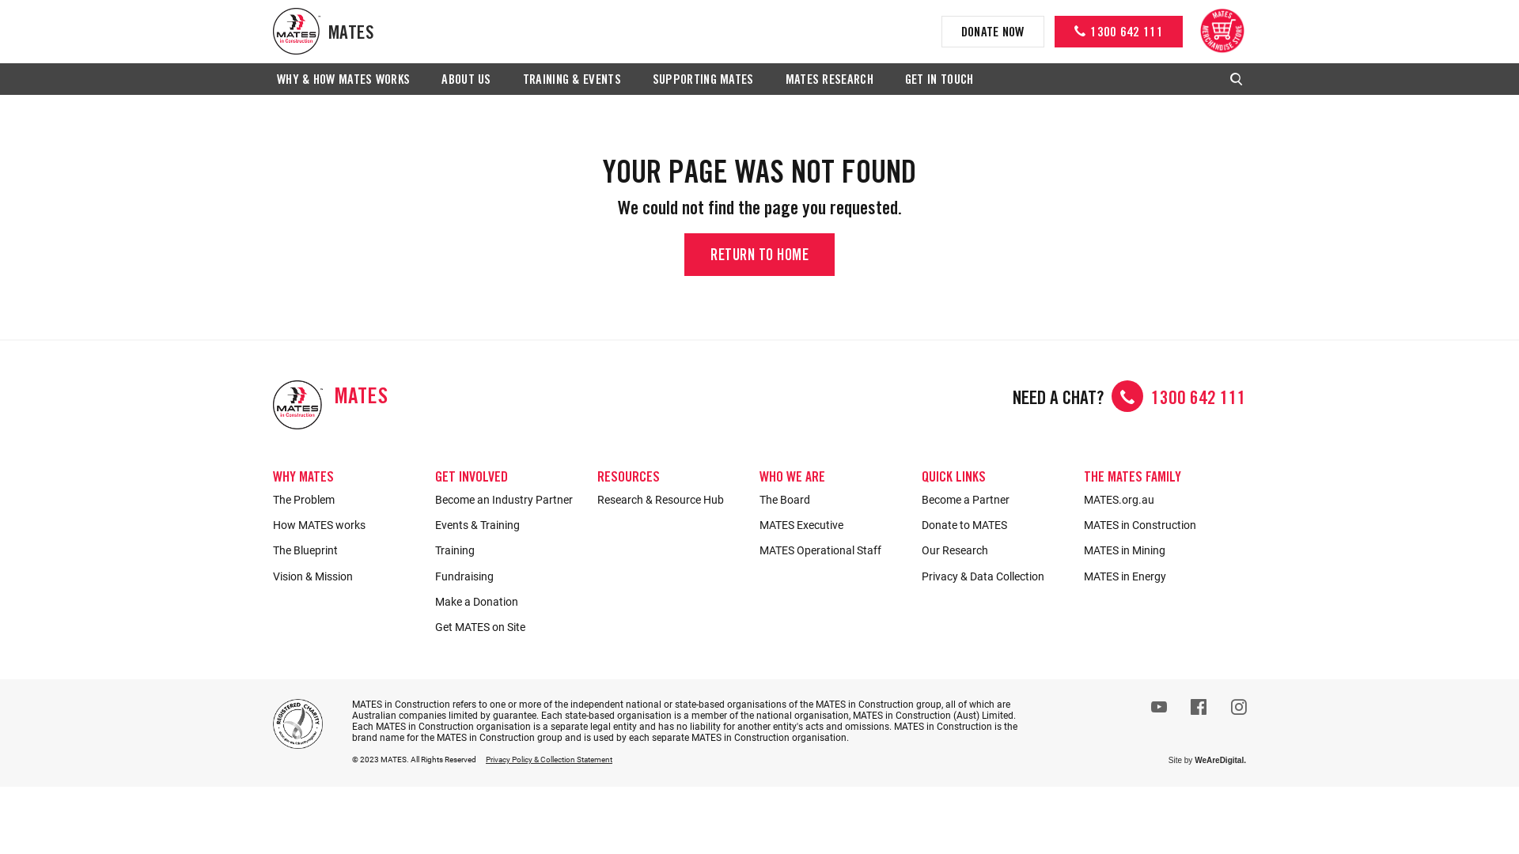 The width and height of the screenshot is (1519, 854). What do you see at coordinates (782, 80) in the screenshot?
I see `'MATES RESEARCH'` at bounding box center [782, 80].